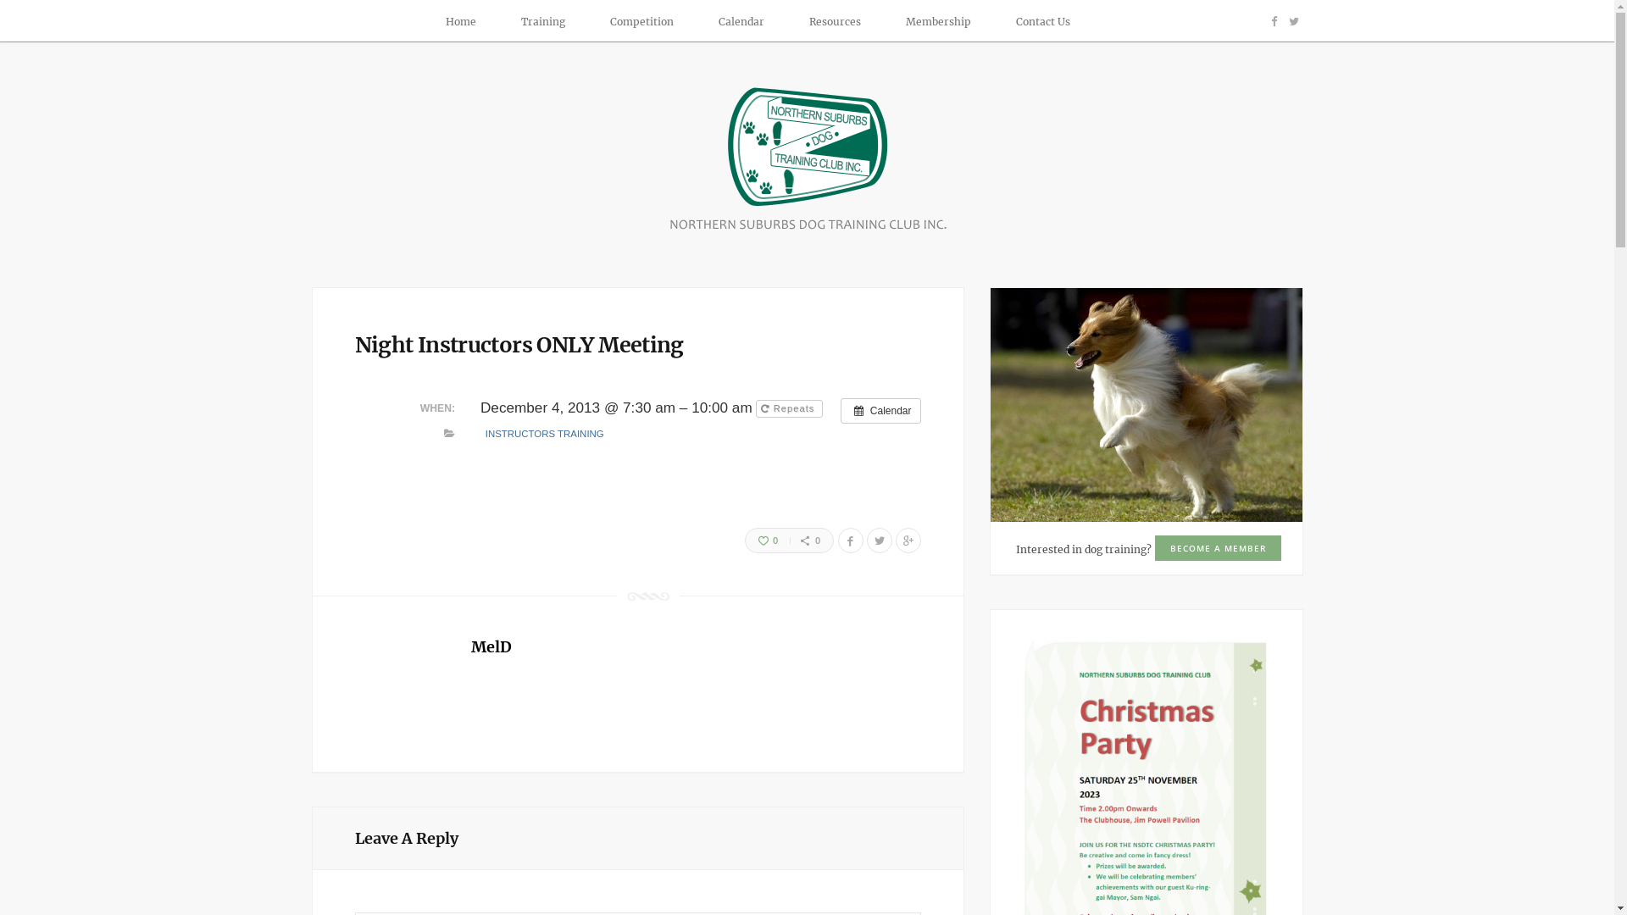 The image size is (1627, 915). What do you see at coordinates (1216, 548) in the screenshot?
I see `'BECOME A MEMBER'` at bounding box center [1216, 548].